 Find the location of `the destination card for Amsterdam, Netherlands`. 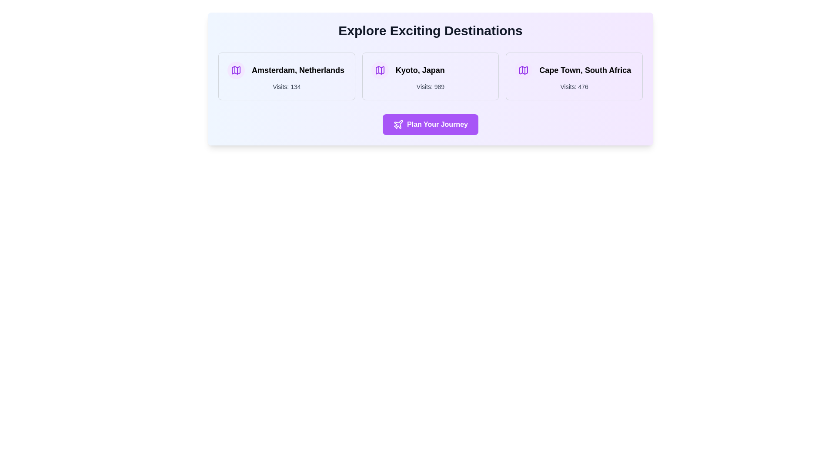

the destination card for Amsterdam, Netherlands is located at coordinates (286, 76).